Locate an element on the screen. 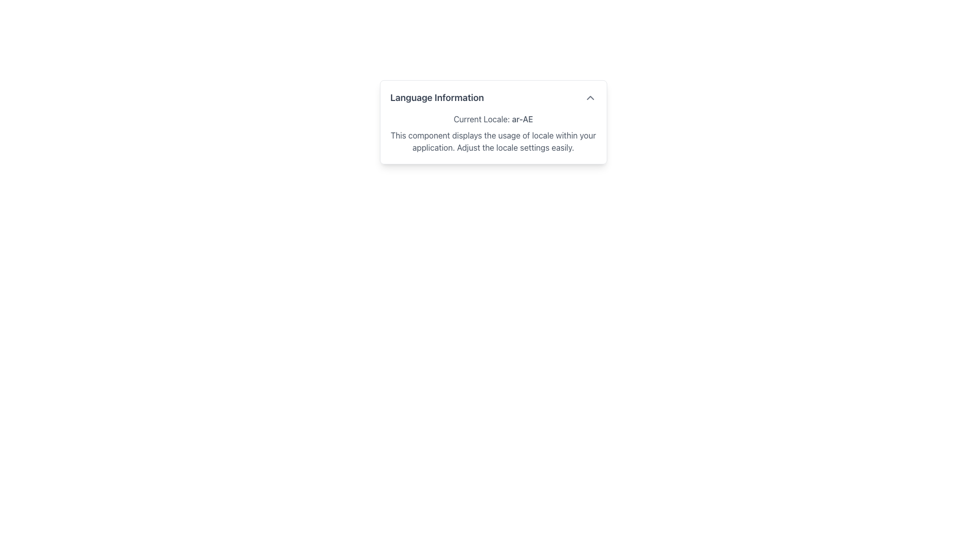  the informational Text Block that provides details about locale settings, located in the 'Language Information' card below 'Current Locale: ar-AE' is located at coordinates (493, 141).